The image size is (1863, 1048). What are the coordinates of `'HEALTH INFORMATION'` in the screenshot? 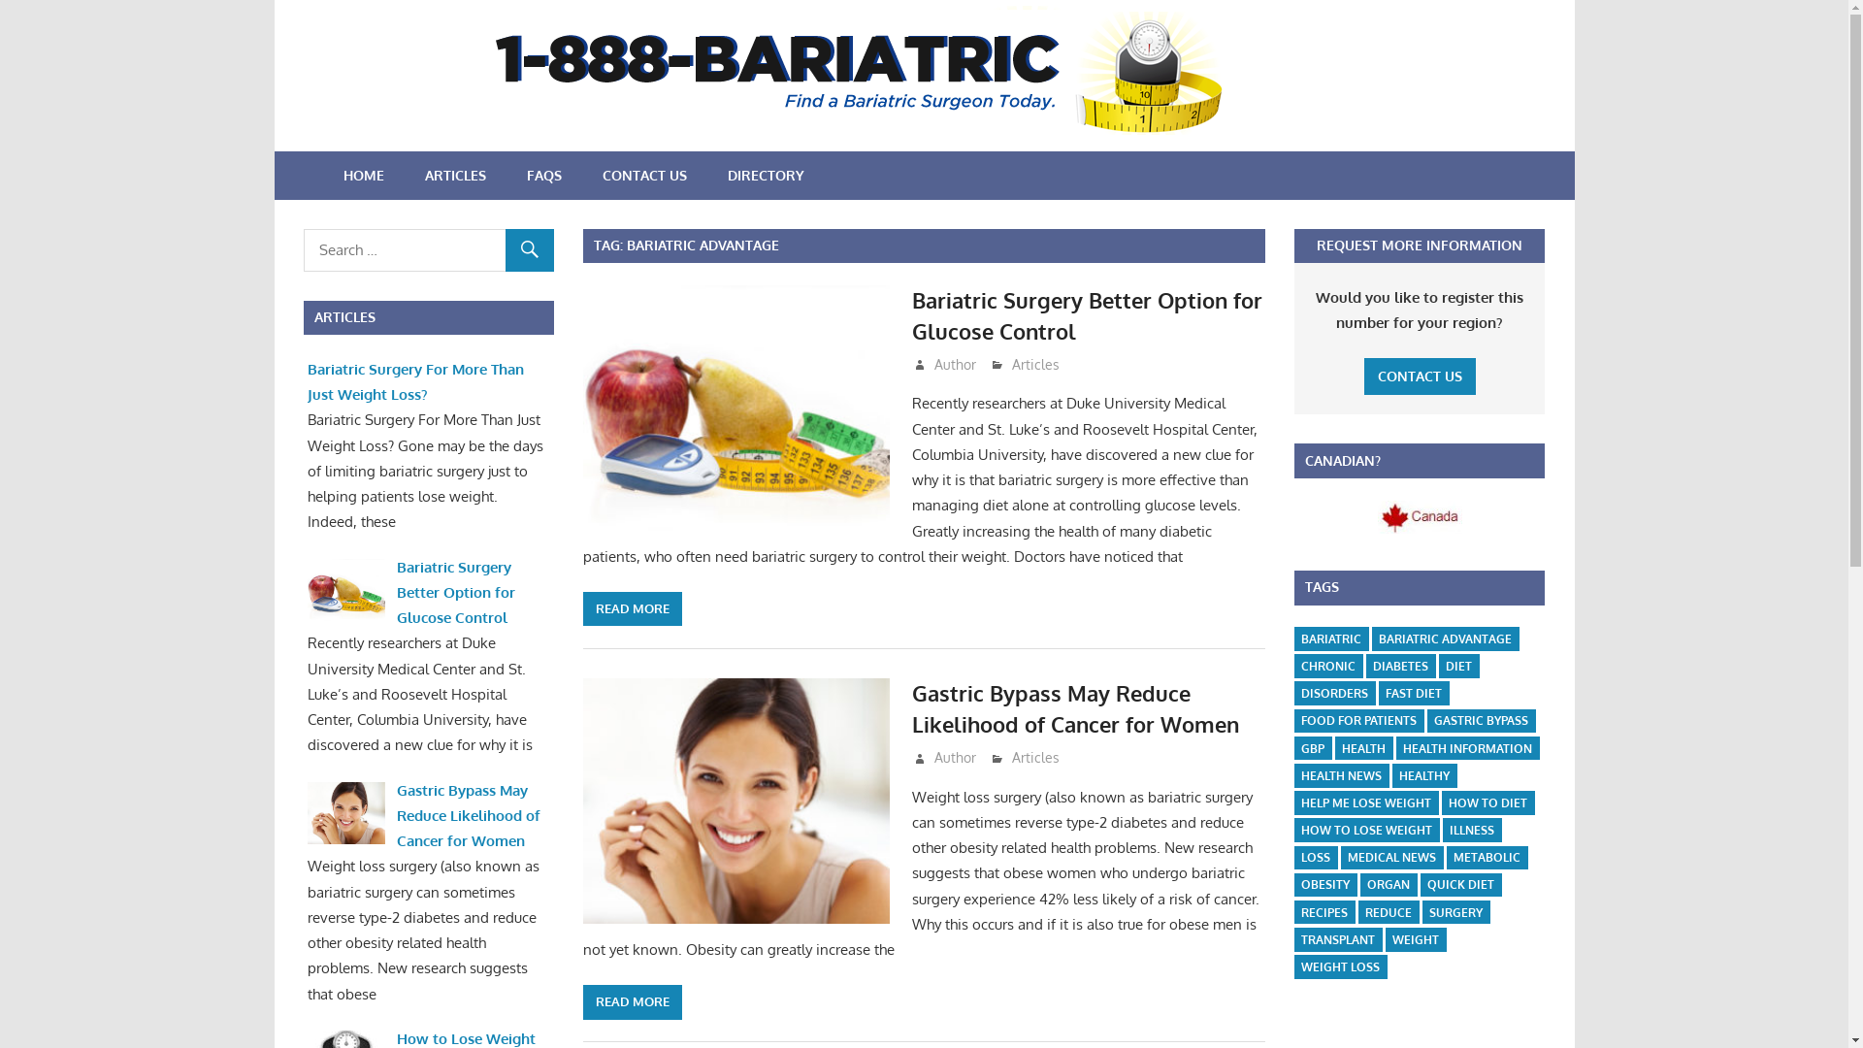 It's located at (1467, 747).